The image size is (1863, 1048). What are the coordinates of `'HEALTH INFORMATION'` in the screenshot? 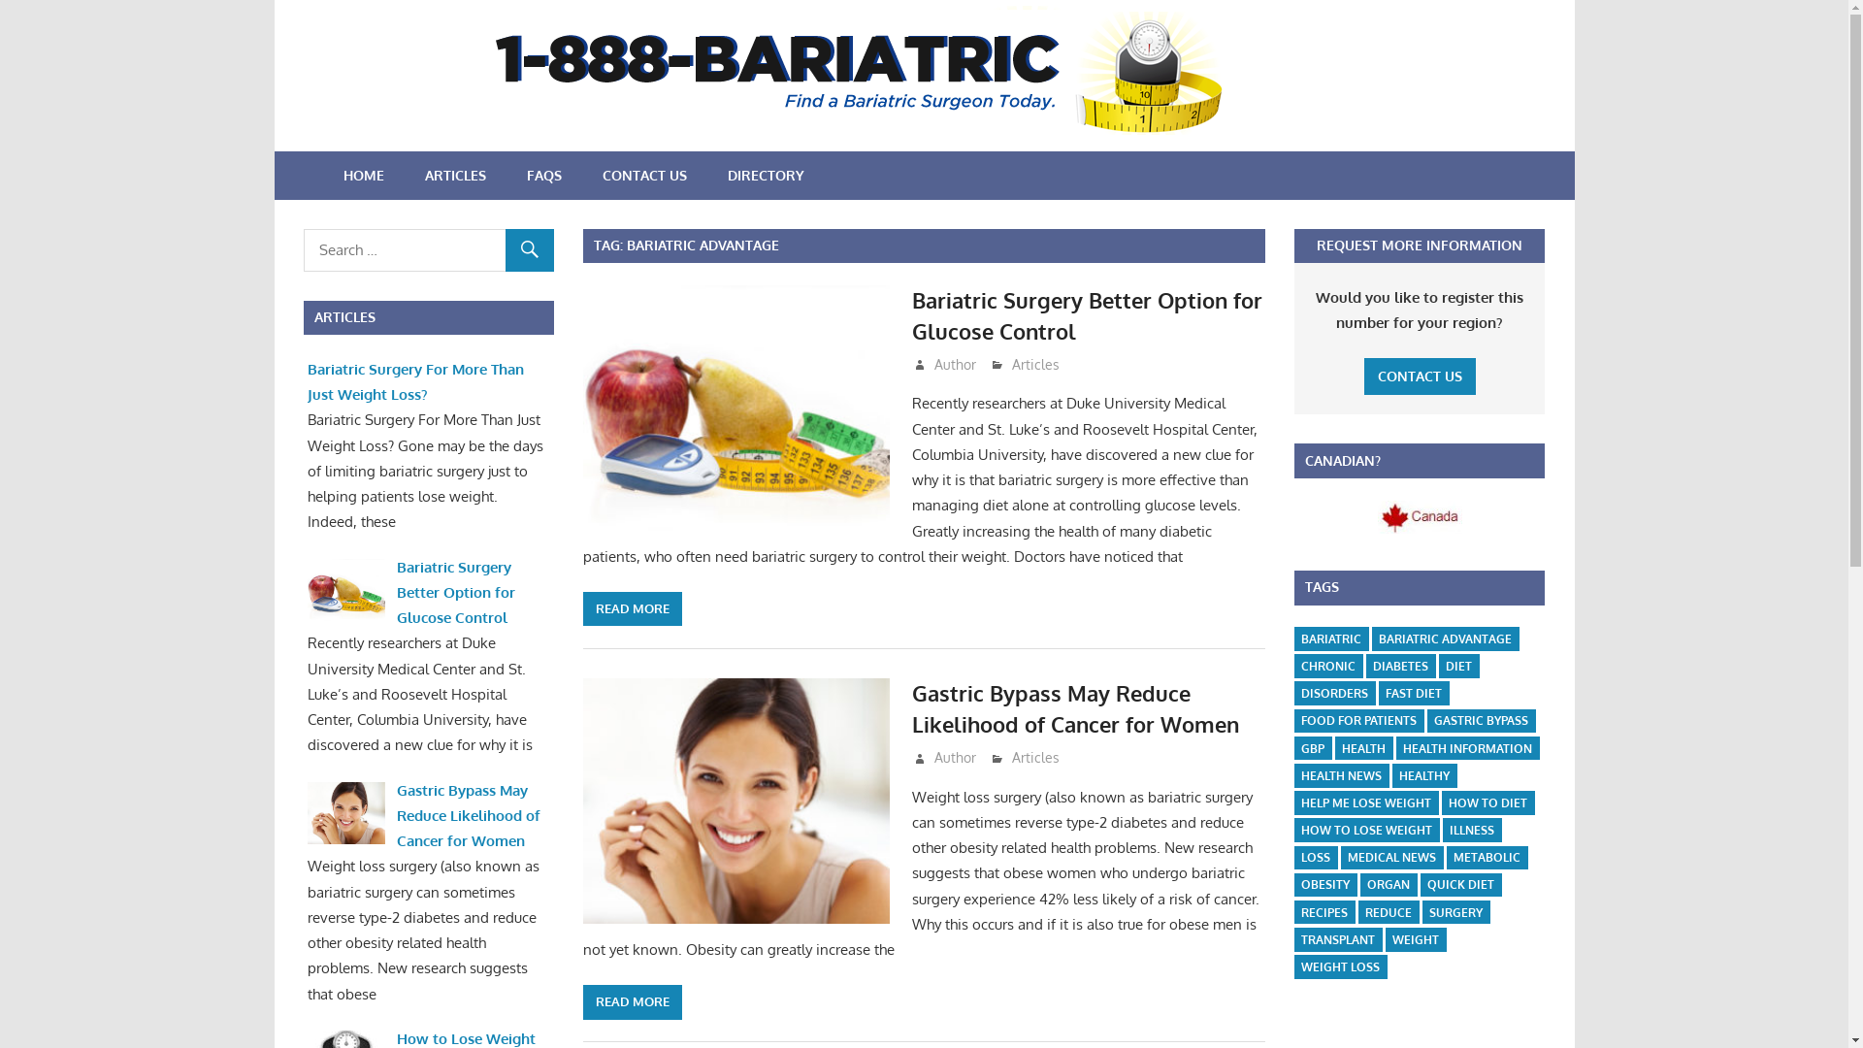 It's located at (1467, 747).